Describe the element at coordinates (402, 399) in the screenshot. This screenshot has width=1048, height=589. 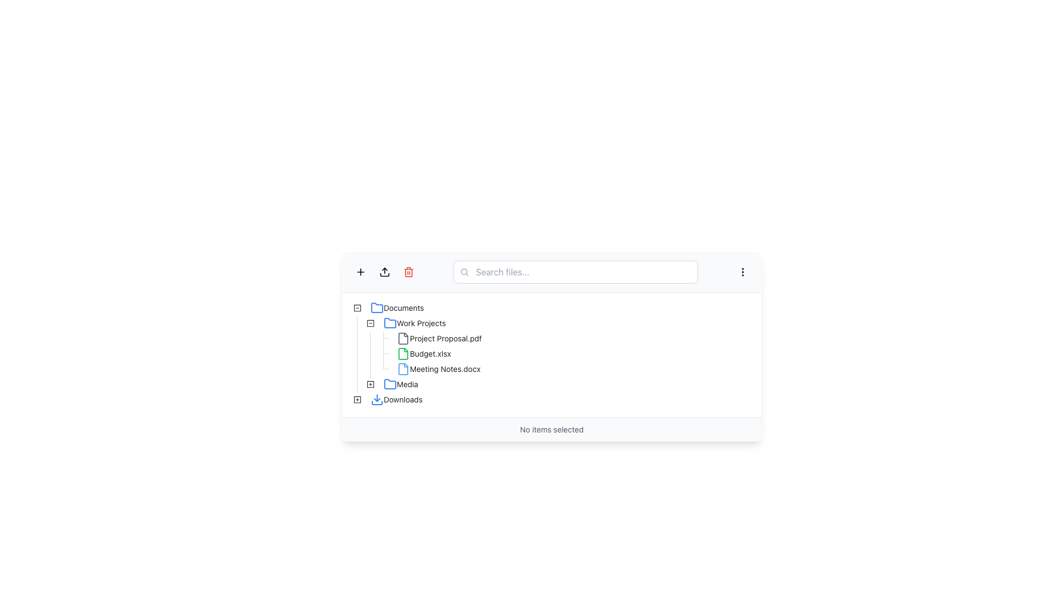
I see `the bold-text label displaying 'Downloads', which is the last node in the tree-like hierarchy structure below 'Media'` at that location.